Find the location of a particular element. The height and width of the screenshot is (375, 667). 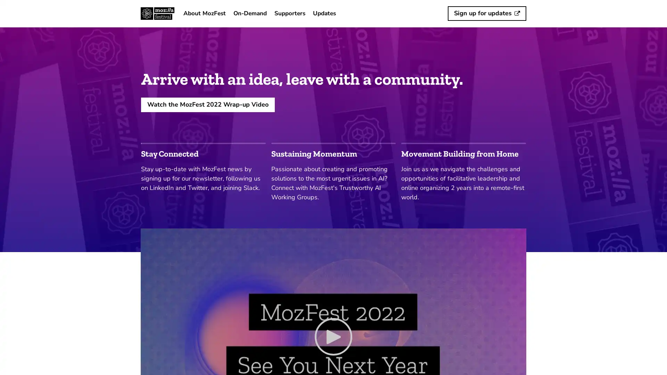

Go to slide 1 is located at coordinates (203, 143).